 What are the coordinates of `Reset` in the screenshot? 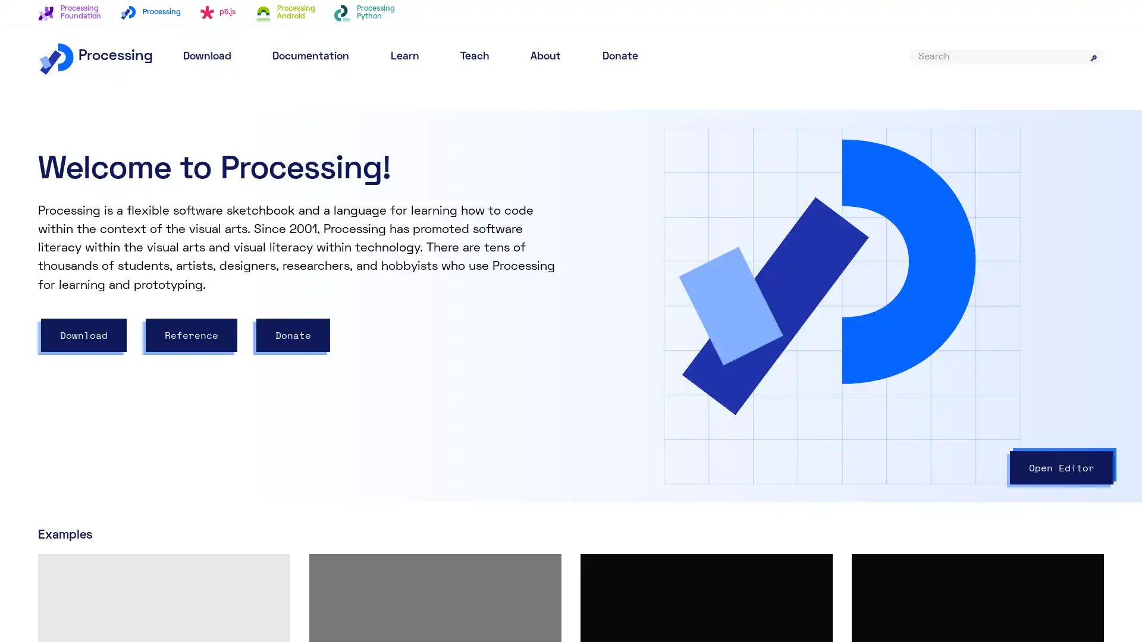 It's located at (1065, 141).